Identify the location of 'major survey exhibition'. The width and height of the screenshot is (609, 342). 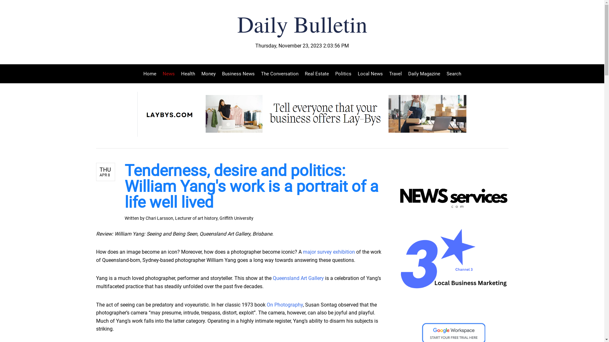
(302, 251).